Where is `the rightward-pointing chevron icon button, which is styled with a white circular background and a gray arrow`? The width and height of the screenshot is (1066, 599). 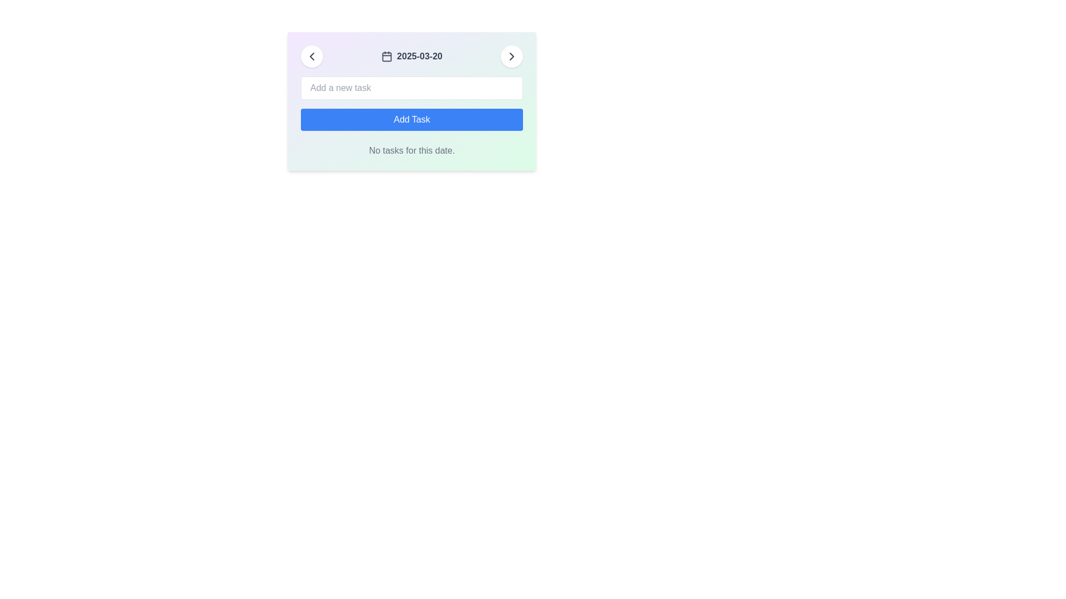
the rightward-pointing chevron icon button, which is styled with a white circular background and a gray arrow is located at coordinates (511, 56).